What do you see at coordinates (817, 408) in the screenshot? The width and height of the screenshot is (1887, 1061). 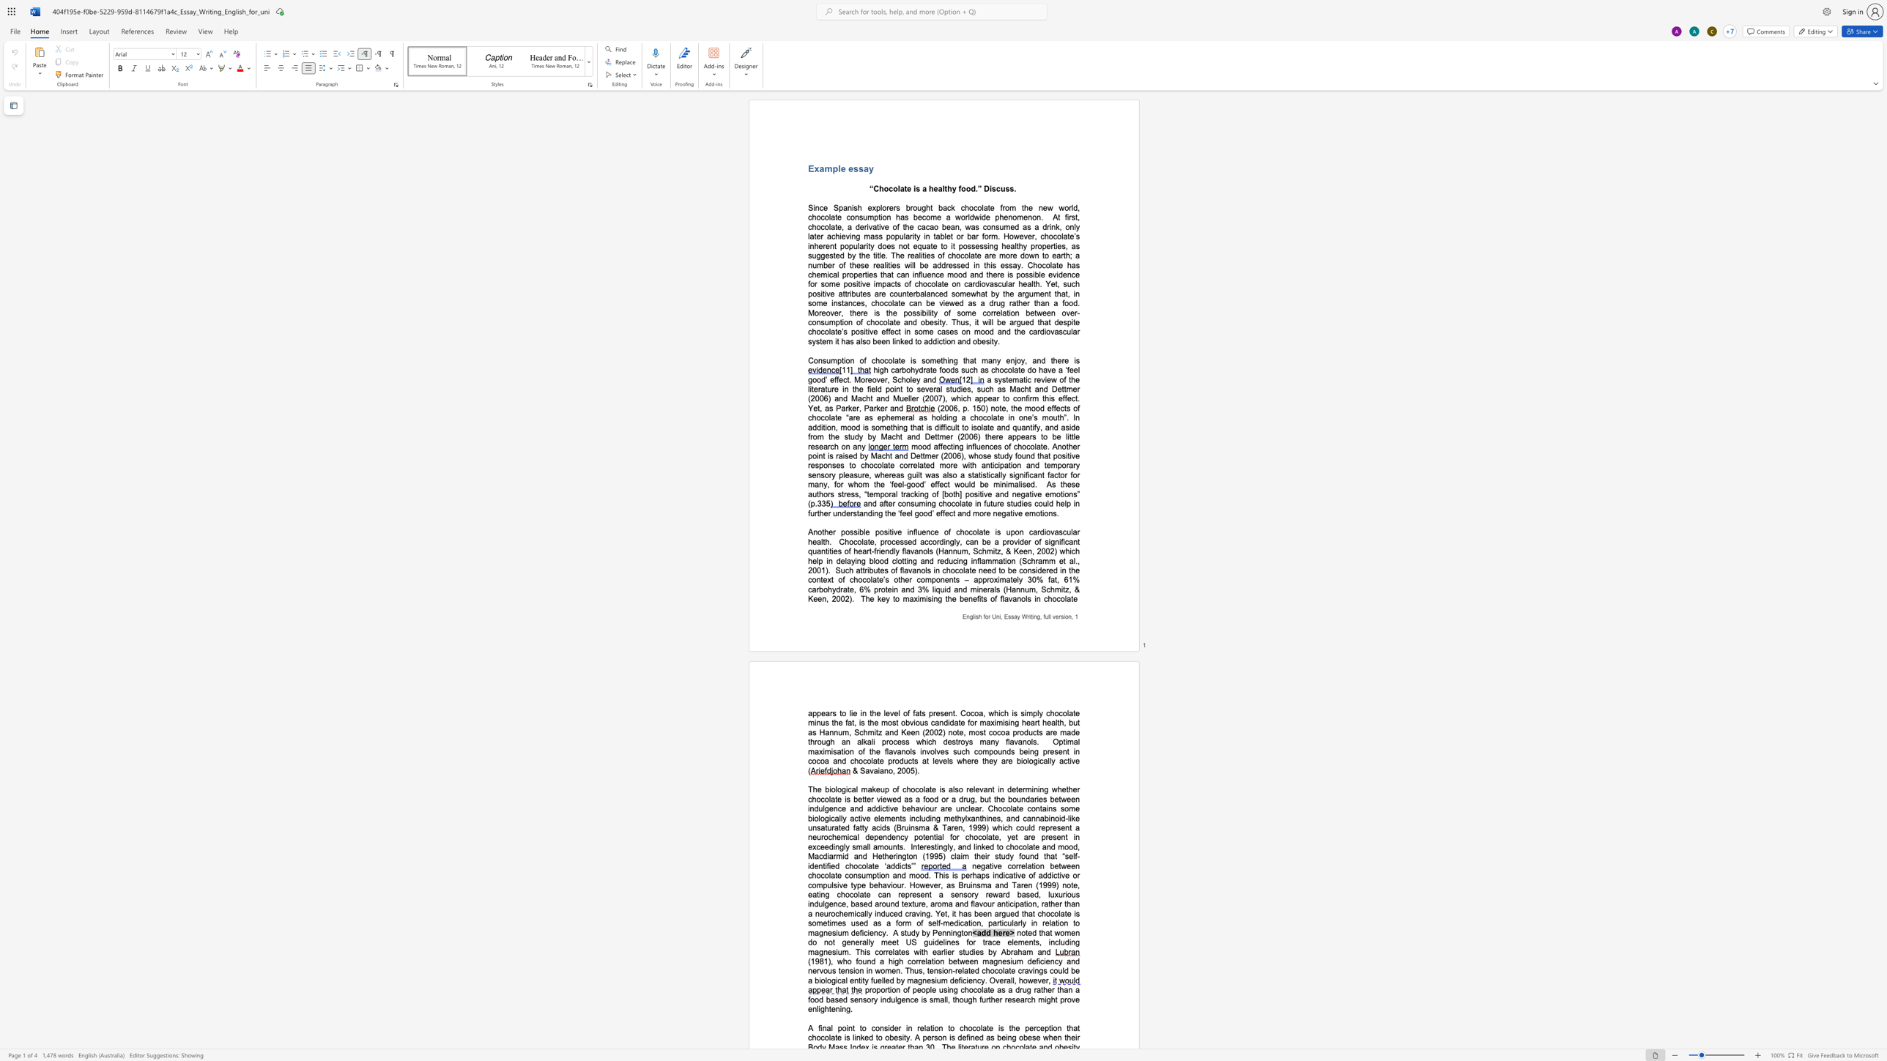 I see `the space between the continuous character "e" and "t" in the text` at bounding box center [817, 408].